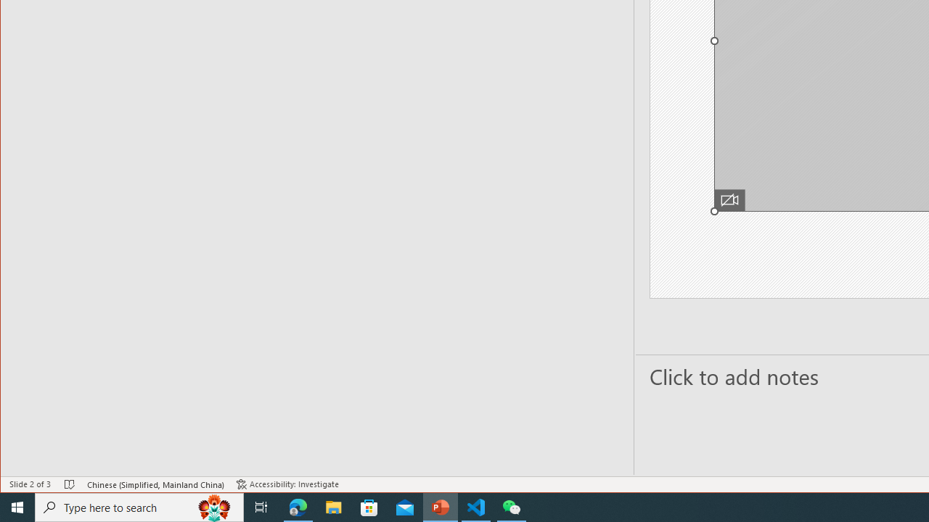 This screenshot has width=929, height=522. I want to click on 'Spell Check No Errors', so click(69, 484).